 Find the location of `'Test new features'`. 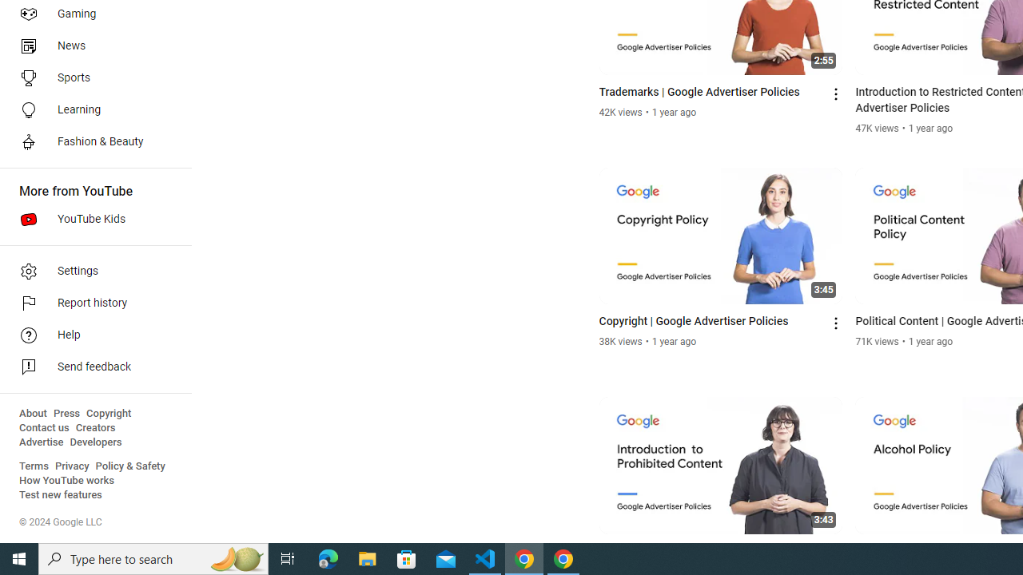

'Test new features' is located at coordinates (61, 494).